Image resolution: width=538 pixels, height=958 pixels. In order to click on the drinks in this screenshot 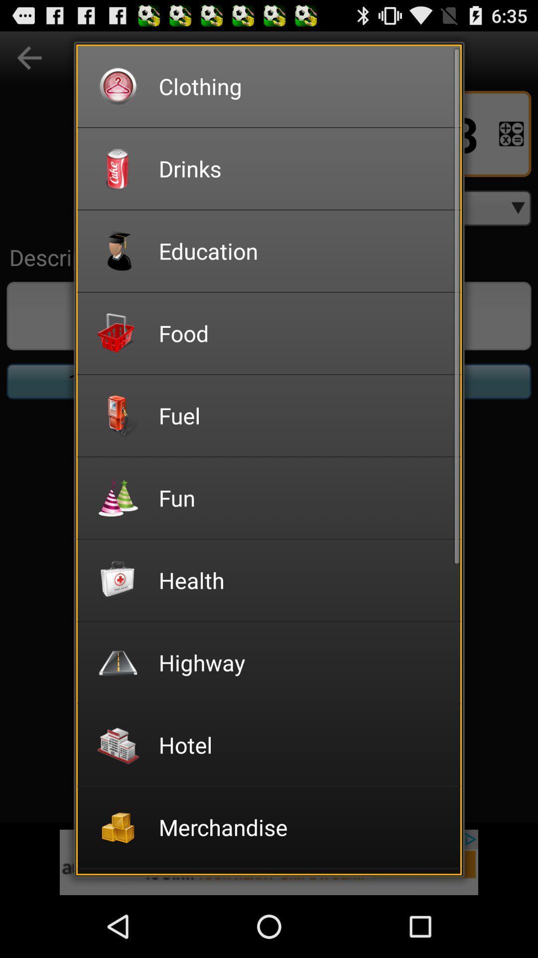, I will do `click(302, 168)`.